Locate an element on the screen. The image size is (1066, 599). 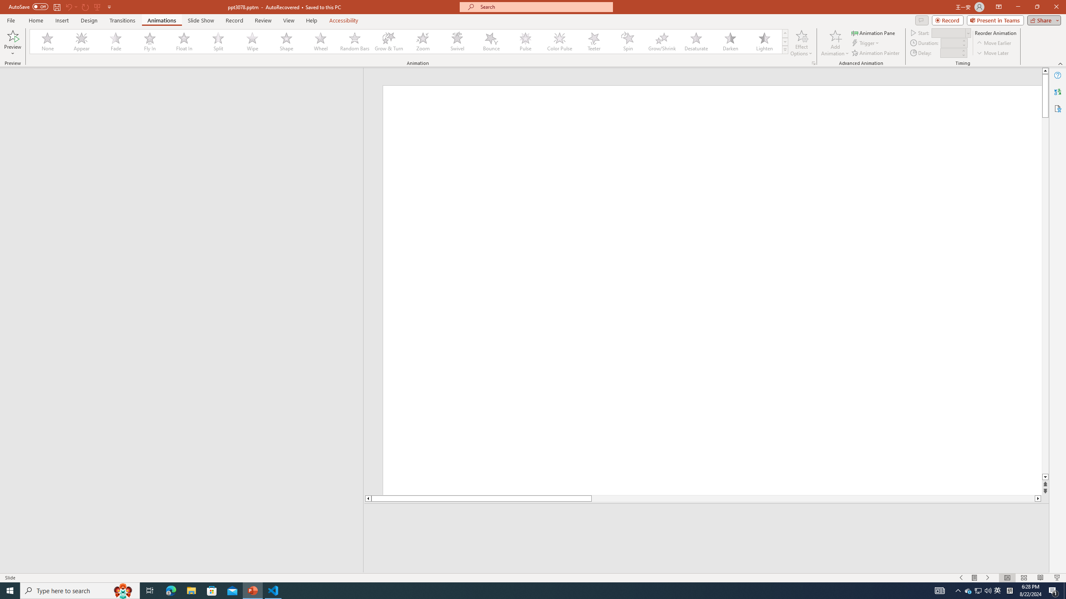
'Save' is located at coordinates (56, 6).